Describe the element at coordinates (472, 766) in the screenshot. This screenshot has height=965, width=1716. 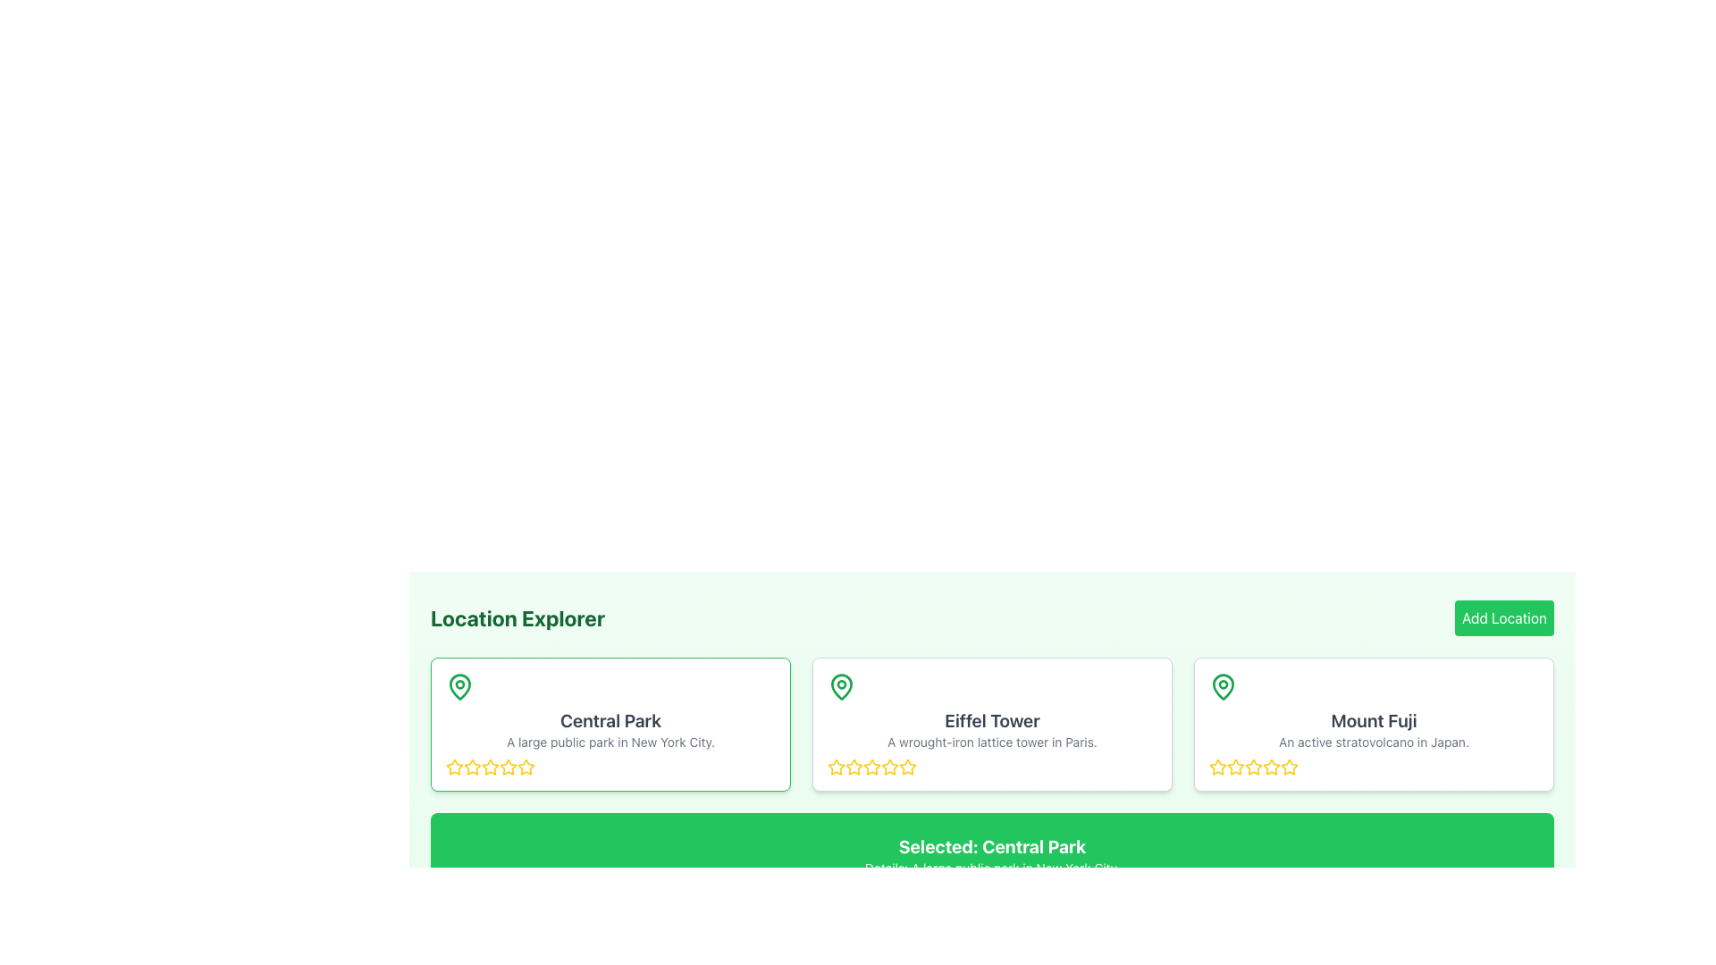
I see `the first star icon with a hollow center and bright yellow outline, located in the rating section below the 'Central Park' card title in the 'Location Explorer' section` at that location.